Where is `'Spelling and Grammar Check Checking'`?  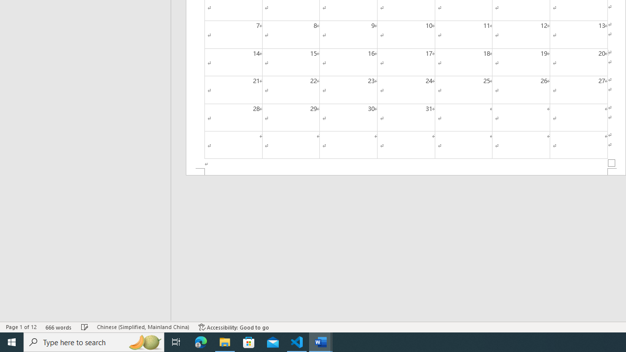
'Spelling and Grammar Check Checking' is located at coordinates (85, 327).